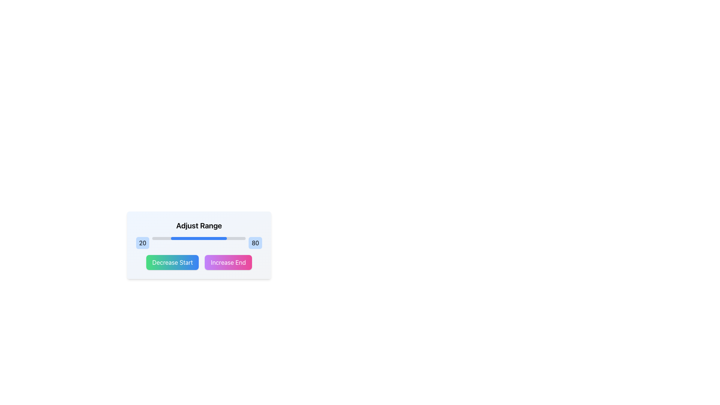  Describe the element at coordinates (199, 238) in the screenshot. I see `the progress bar located centrally beneath the text 'Adjust Range', which visually represents progress between the values '20' and '80'` at that location.